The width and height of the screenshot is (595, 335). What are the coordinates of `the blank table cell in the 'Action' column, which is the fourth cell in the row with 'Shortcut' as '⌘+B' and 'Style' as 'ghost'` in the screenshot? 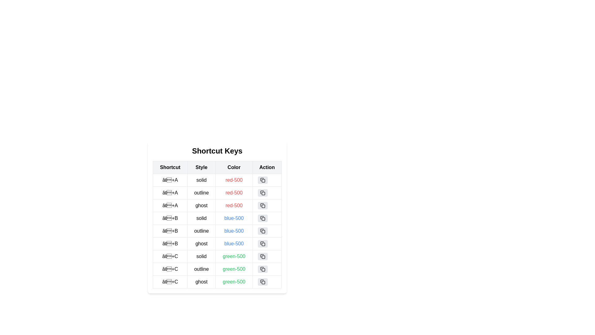 It's located at (267, 243).